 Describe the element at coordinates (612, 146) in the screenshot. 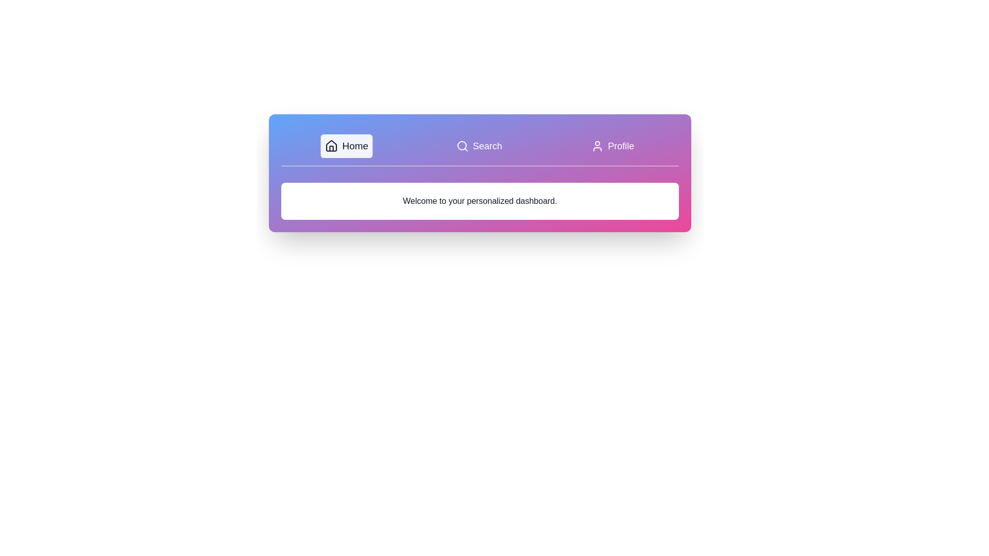

I see `the Profile tab to observe the hover effect` at that location.